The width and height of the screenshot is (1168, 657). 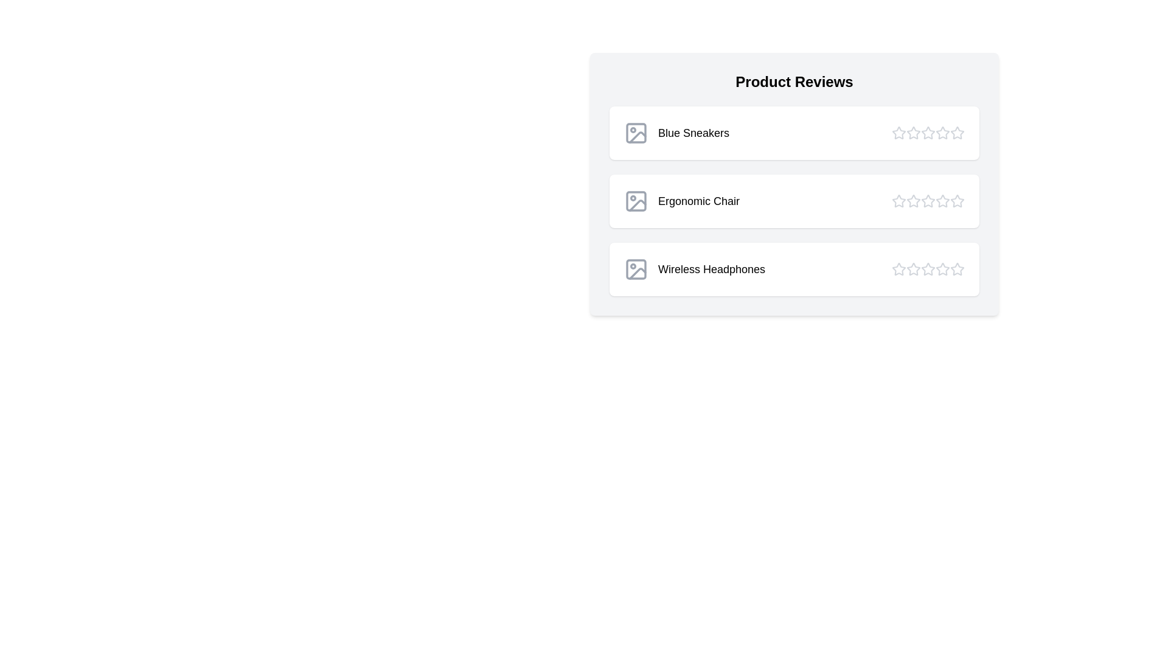 I want to click on the star corresponding to 5 stars for the product Ergonomic Chair, so click(x=957, y=201).